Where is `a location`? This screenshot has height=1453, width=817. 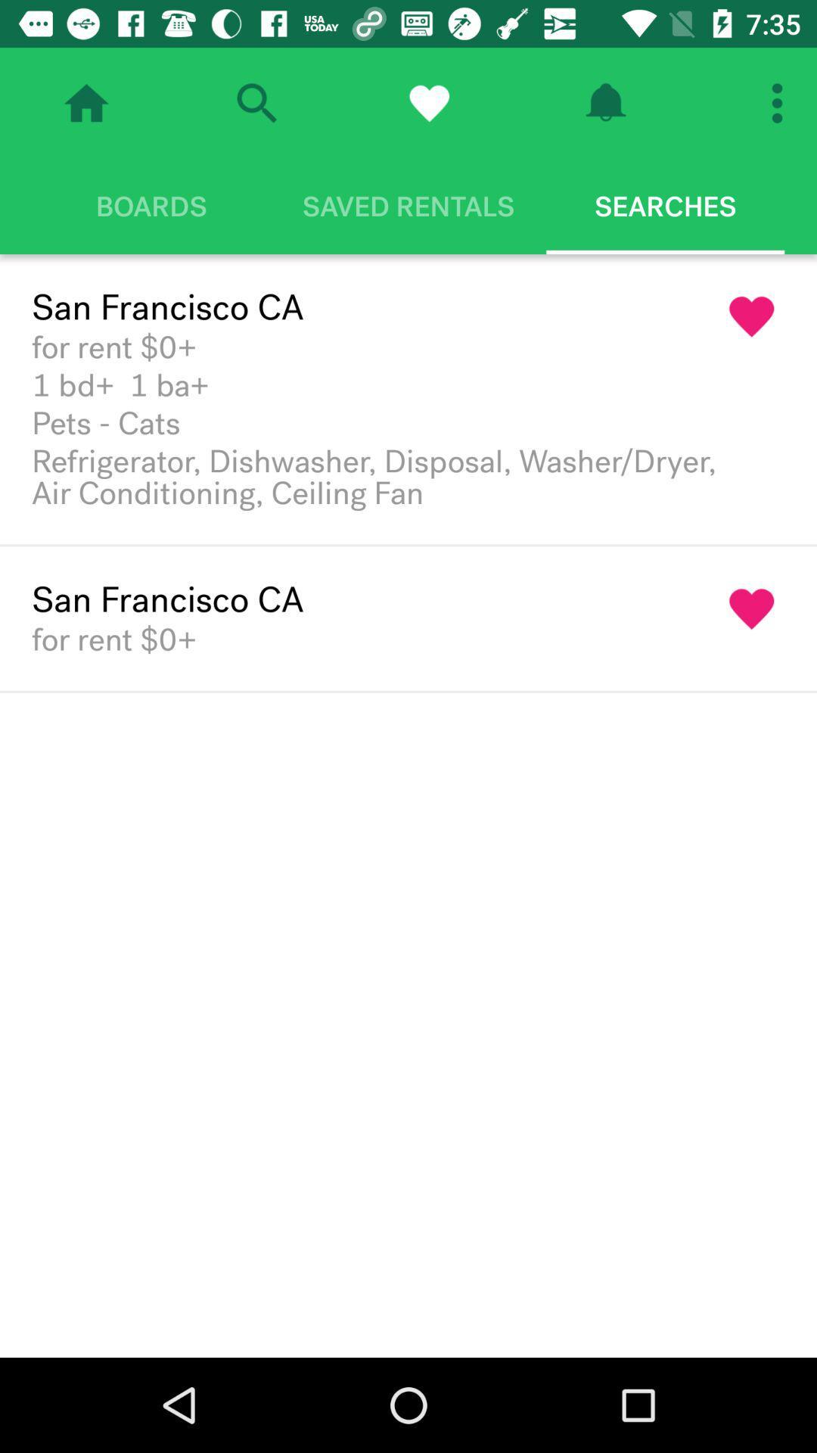 a location is located at coordinates (752, 609).